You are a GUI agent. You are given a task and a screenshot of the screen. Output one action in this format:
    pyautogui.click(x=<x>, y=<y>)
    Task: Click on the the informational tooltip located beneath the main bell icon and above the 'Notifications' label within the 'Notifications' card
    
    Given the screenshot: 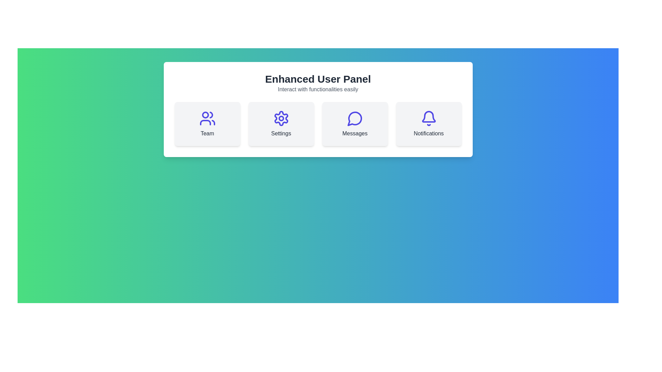 What is the action you would take?
    pyautogui.click(x=428, y=119)
    